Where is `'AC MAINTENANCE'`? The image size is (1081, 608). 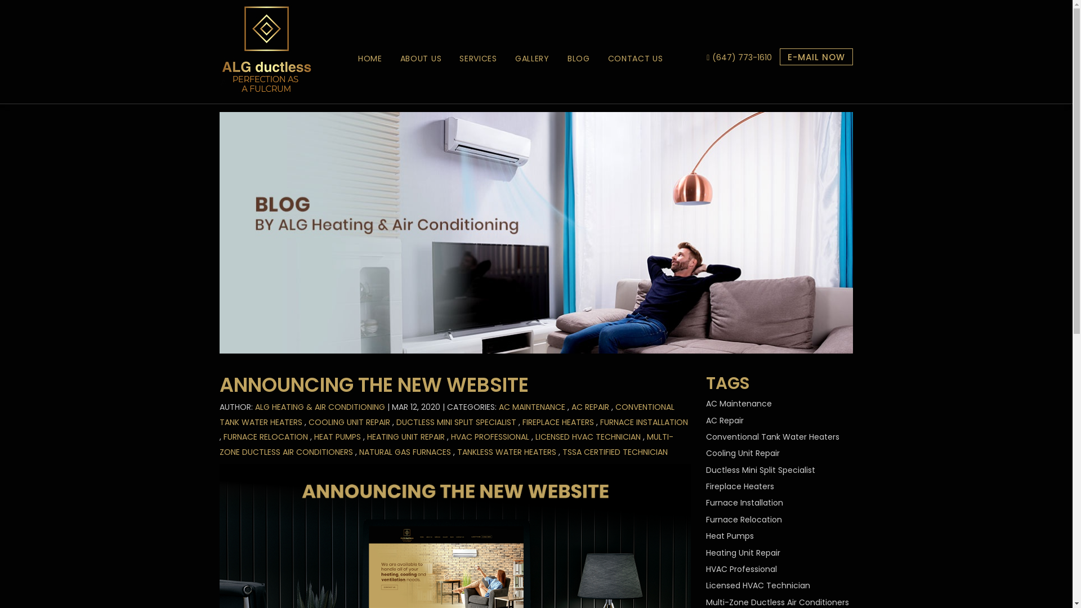
'AC MAINTENANCE' is located at coordinates (531, 406).